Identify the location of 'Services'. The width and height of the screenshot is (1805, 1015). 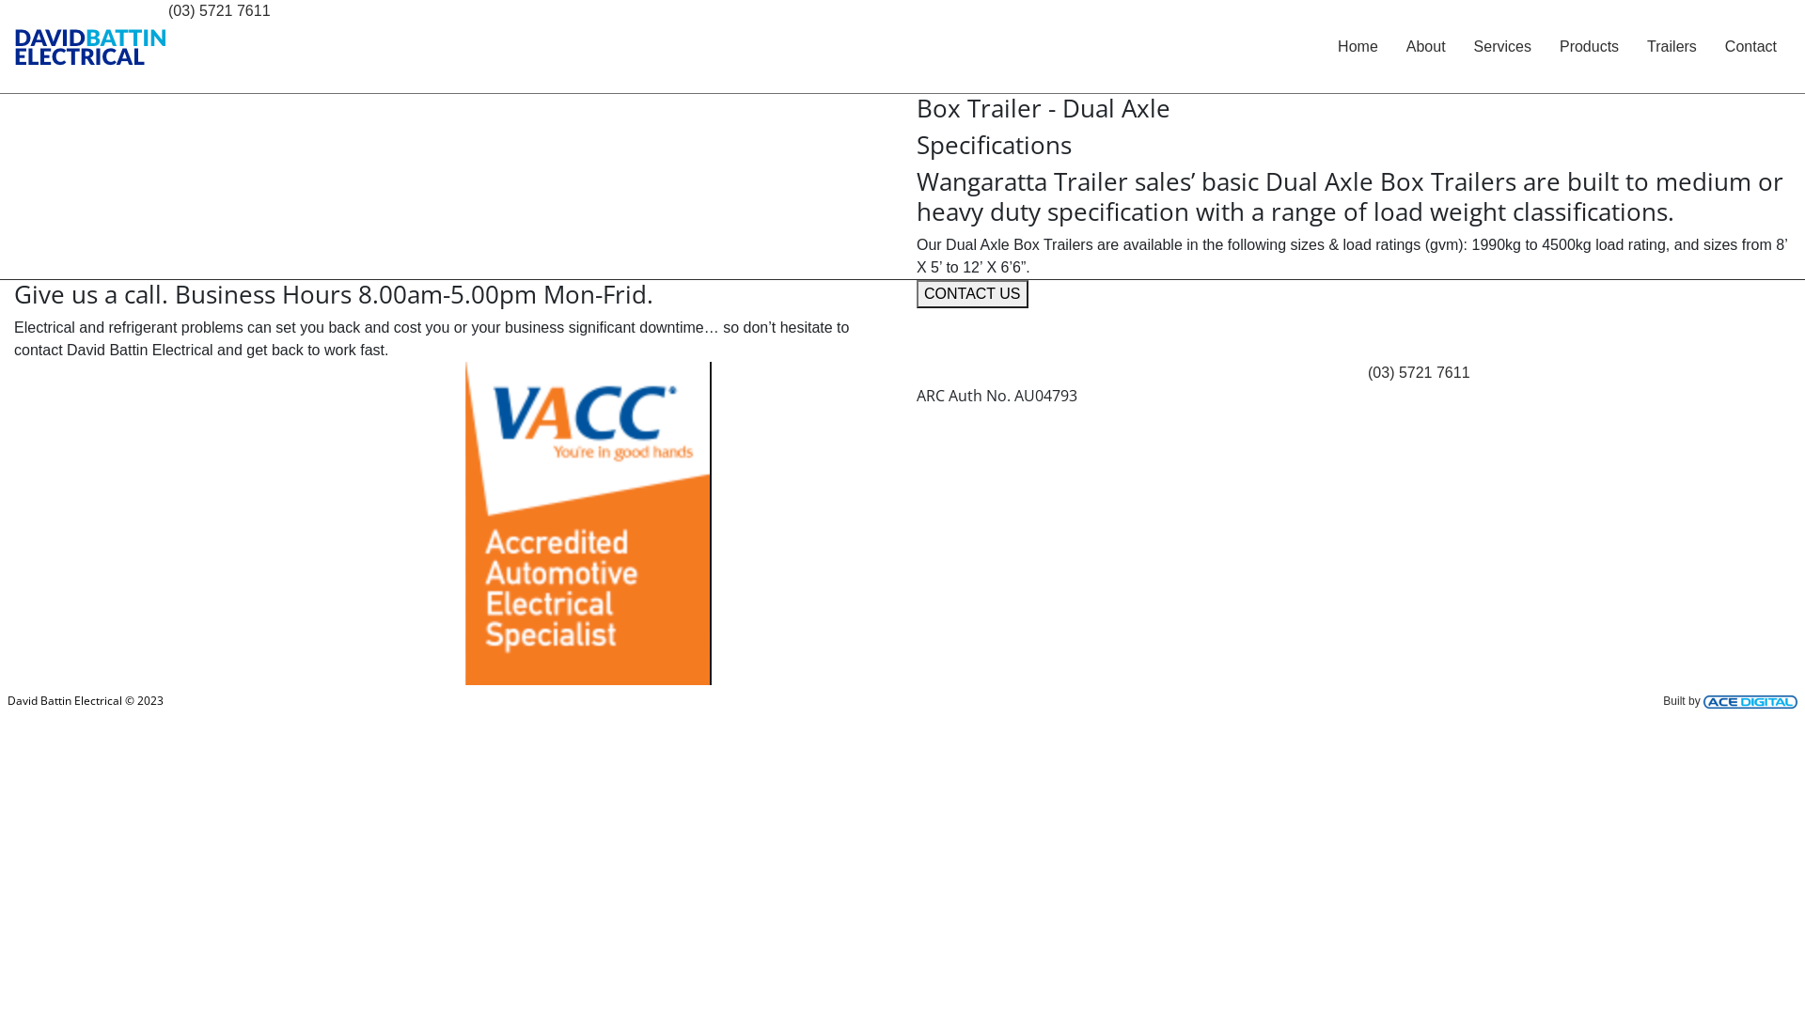
(1501, 46).